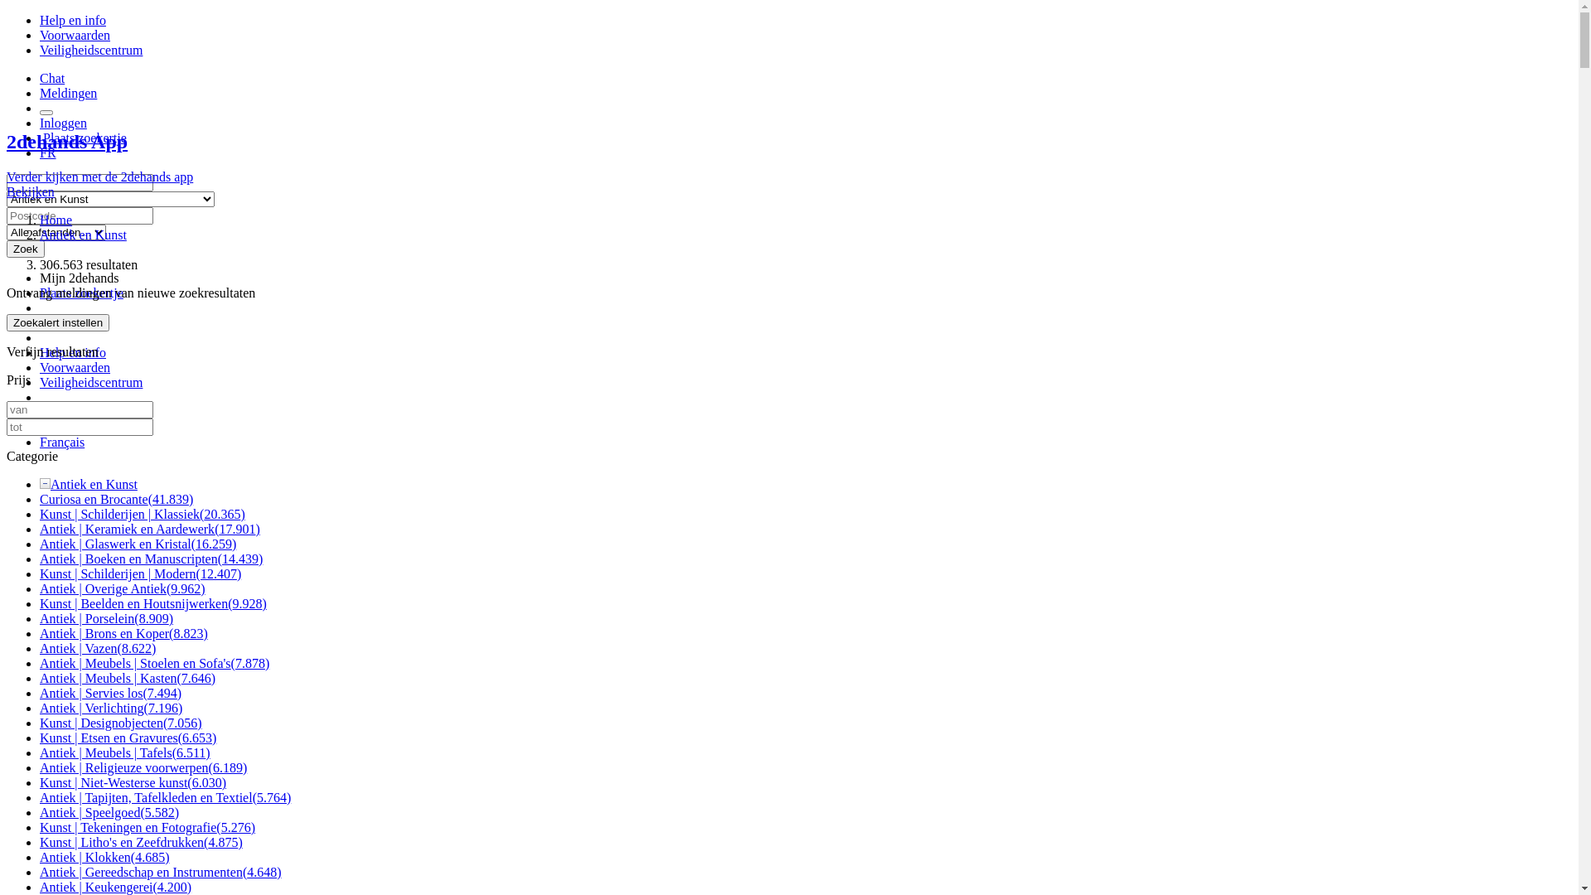 The image size is (1591, 895). Describe the element at coordinates (40, 662) in the screenshot. I see `'Antiek | Meubels | Stoelen en Sofa's(7.878)'` at that location.